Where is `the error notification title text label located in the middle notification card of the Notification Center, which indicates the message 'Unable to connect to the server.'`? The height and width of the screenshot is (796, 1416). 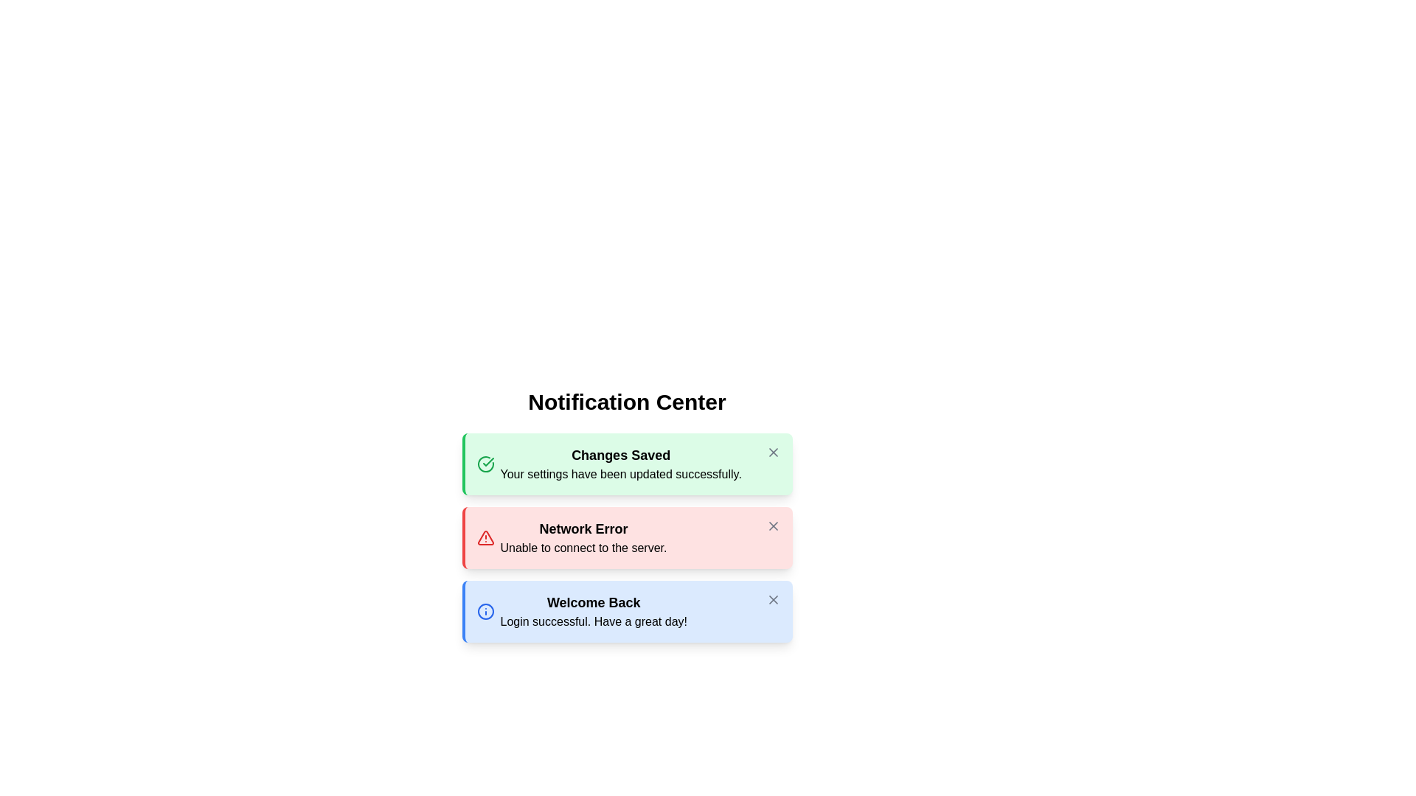 the error notification title text label located in the middle notification card of the Notification Center, which indicates the message 'Unable to connect to the server.' is located at coordinates (583, 528).